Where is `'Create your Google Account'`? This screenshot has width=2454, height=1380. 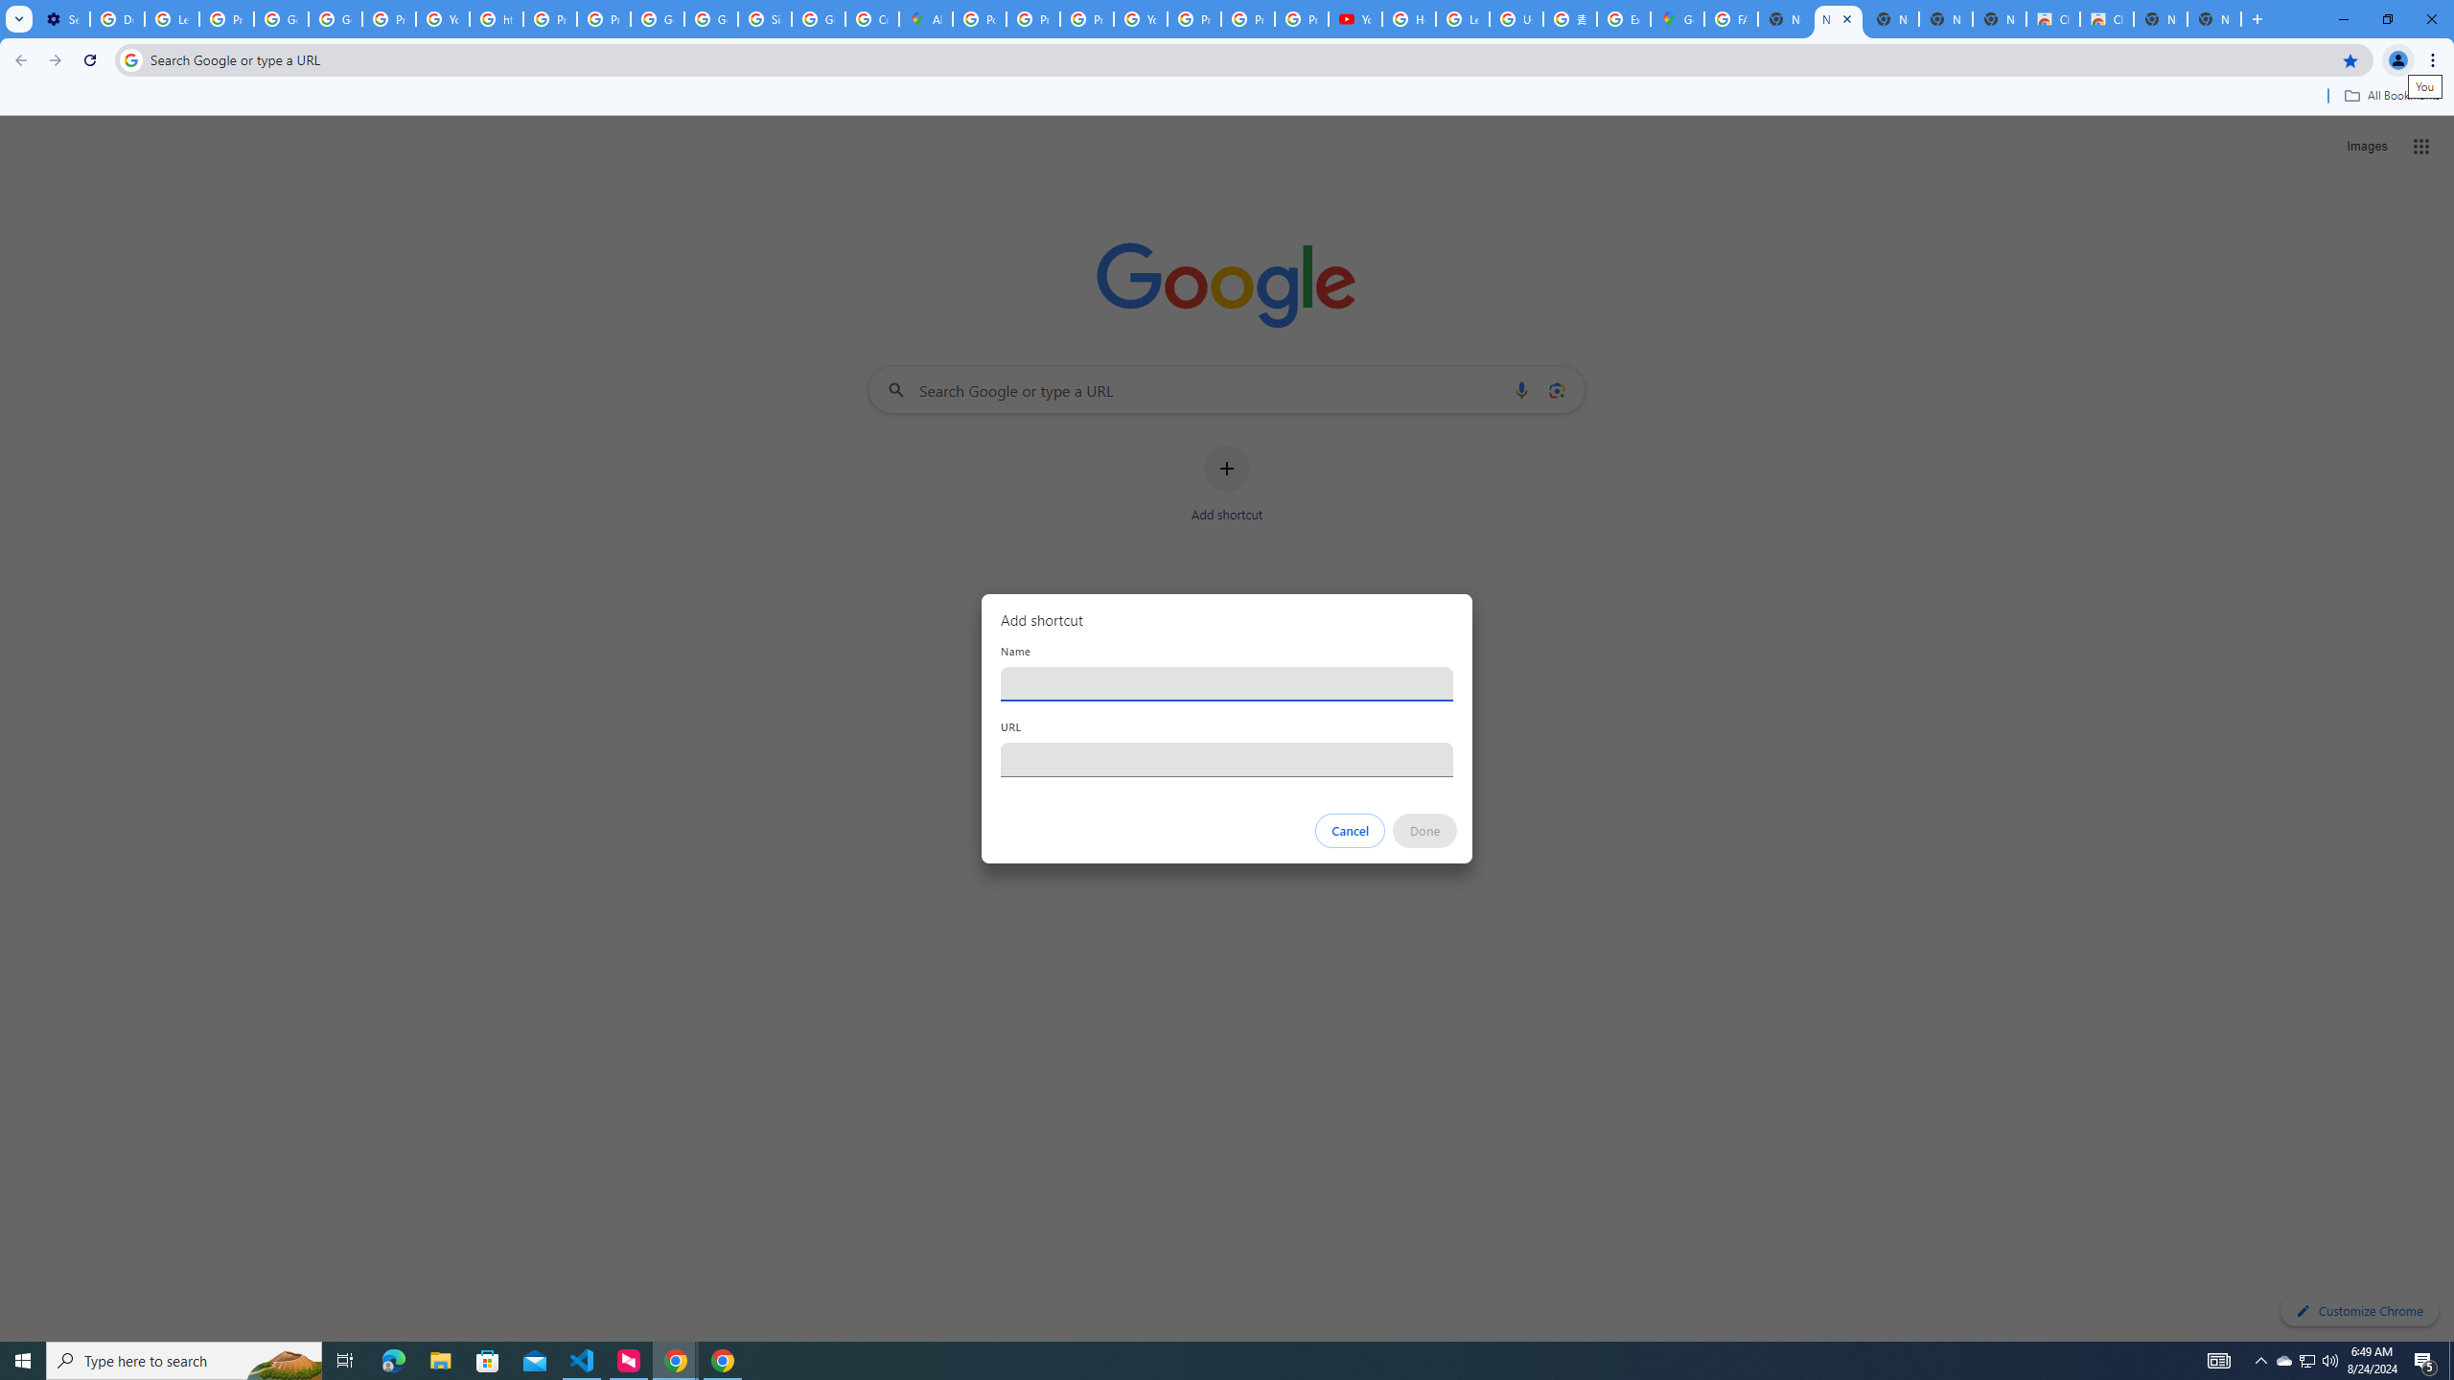 'Create your Google Account' is located at coordinates (871, 18).